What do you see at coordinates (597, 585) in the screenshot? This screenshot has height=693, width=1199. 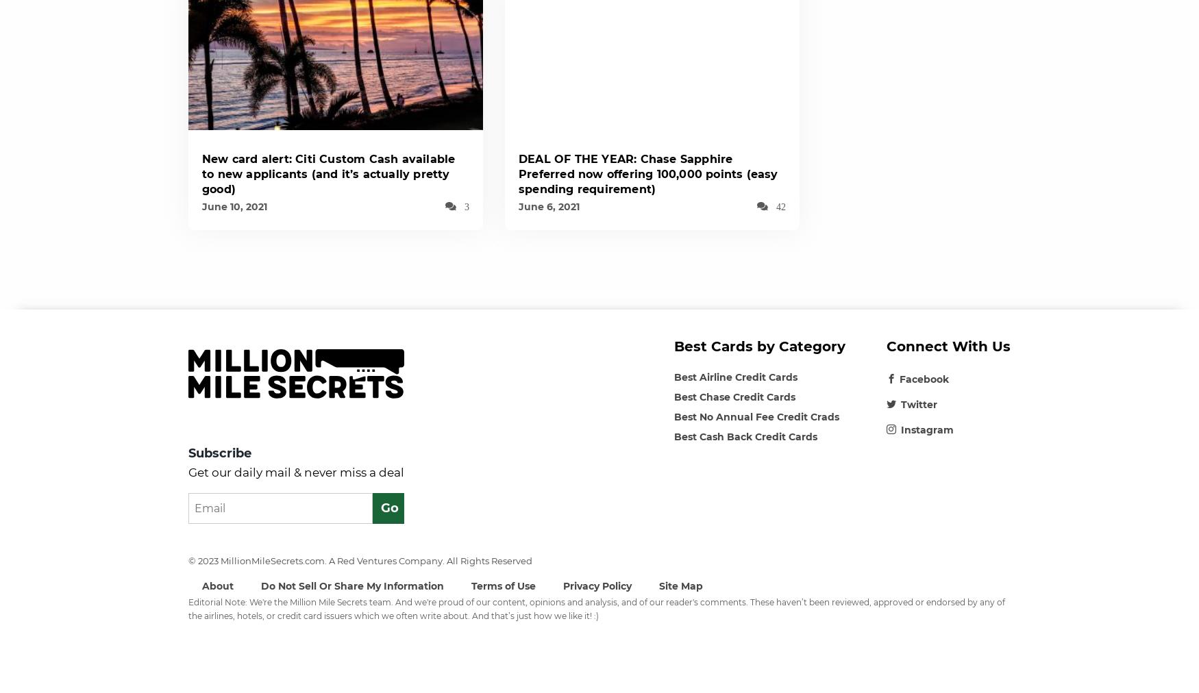 I see `'Privacy Policy'` at bounding box center [597, 585].